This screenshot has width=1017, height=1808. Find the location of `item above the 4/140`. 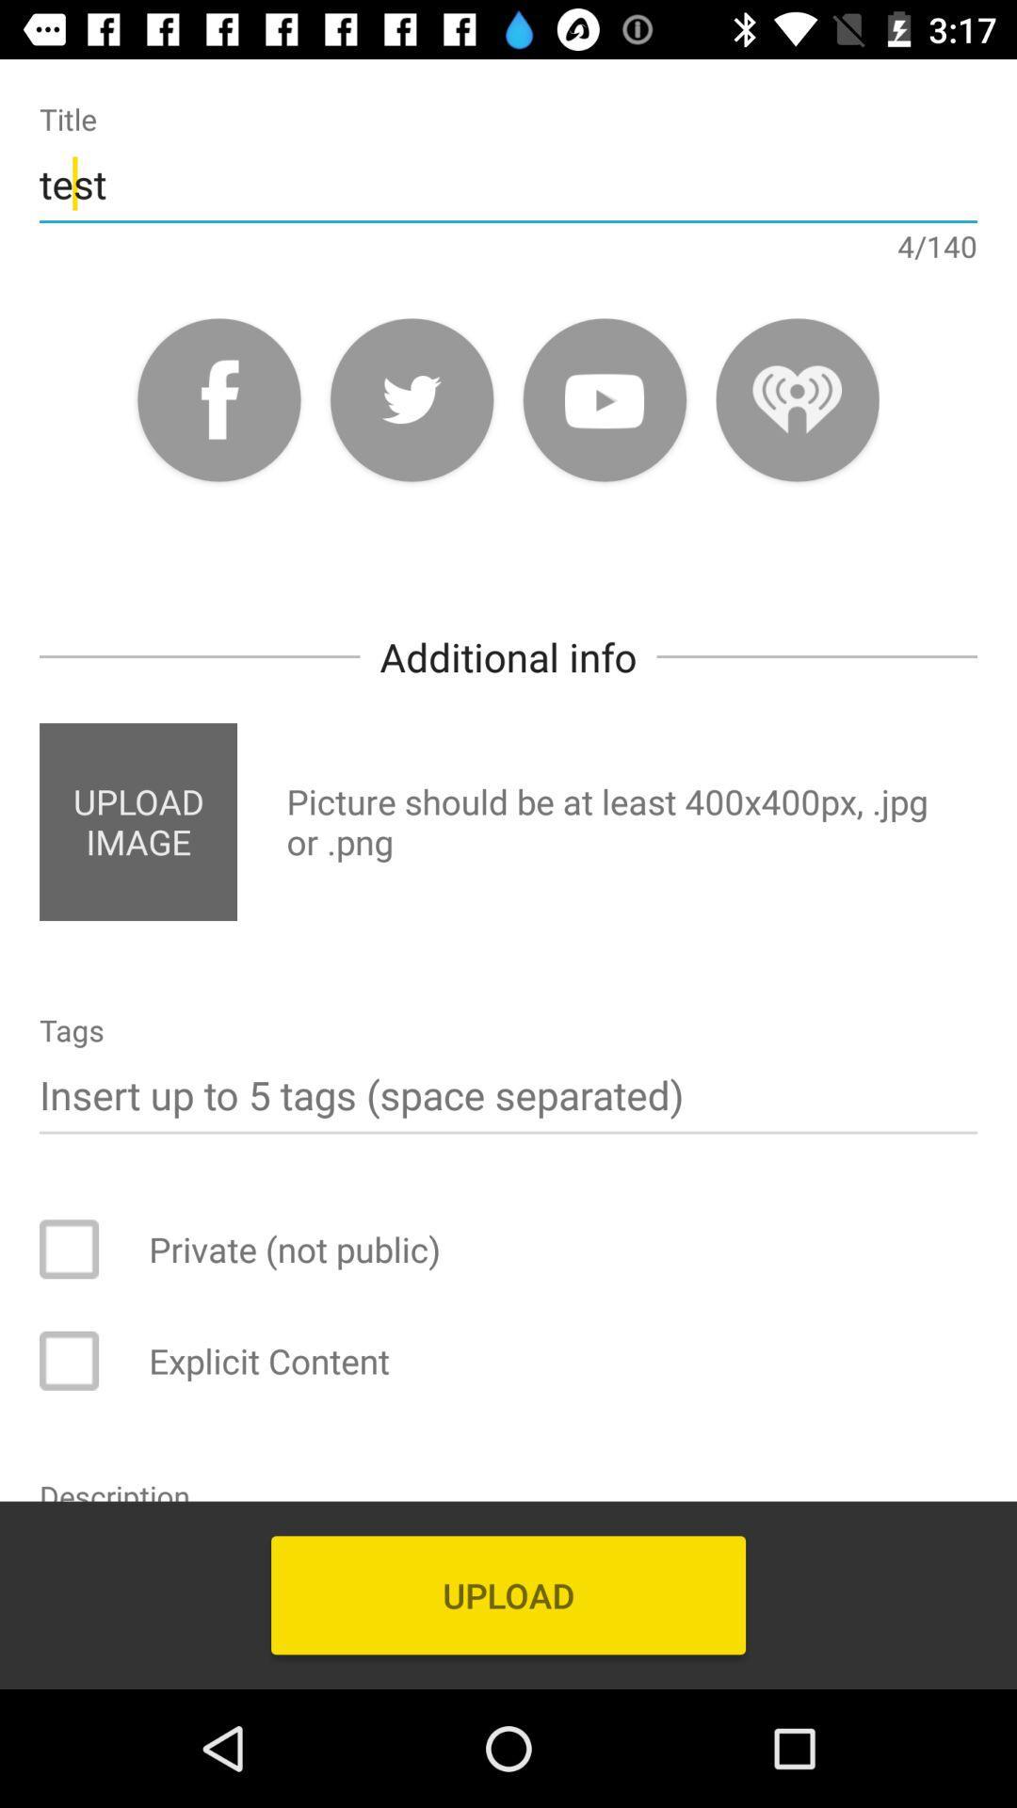

item above the 4/140 is located at coordinates (508, 184).